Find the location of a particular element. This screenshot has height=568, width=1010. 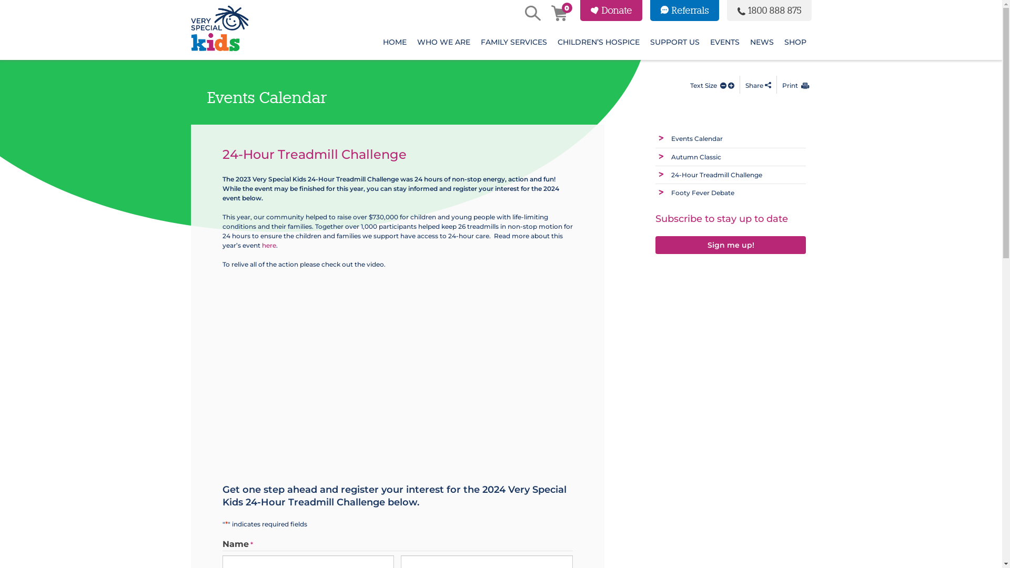

'Referrals' is located at coordinates (684, 10).